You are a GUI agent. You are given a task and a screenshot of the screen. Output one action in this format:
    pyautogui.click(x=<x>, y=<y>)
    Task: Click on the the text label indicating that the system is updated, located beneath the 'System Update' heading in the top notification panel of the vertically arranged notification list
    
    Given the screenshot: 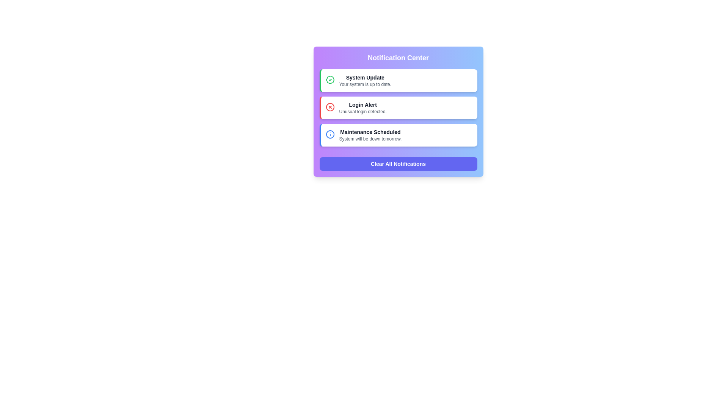 What is the action you would take?
    pyautogui.click(x=365, y=84)
    